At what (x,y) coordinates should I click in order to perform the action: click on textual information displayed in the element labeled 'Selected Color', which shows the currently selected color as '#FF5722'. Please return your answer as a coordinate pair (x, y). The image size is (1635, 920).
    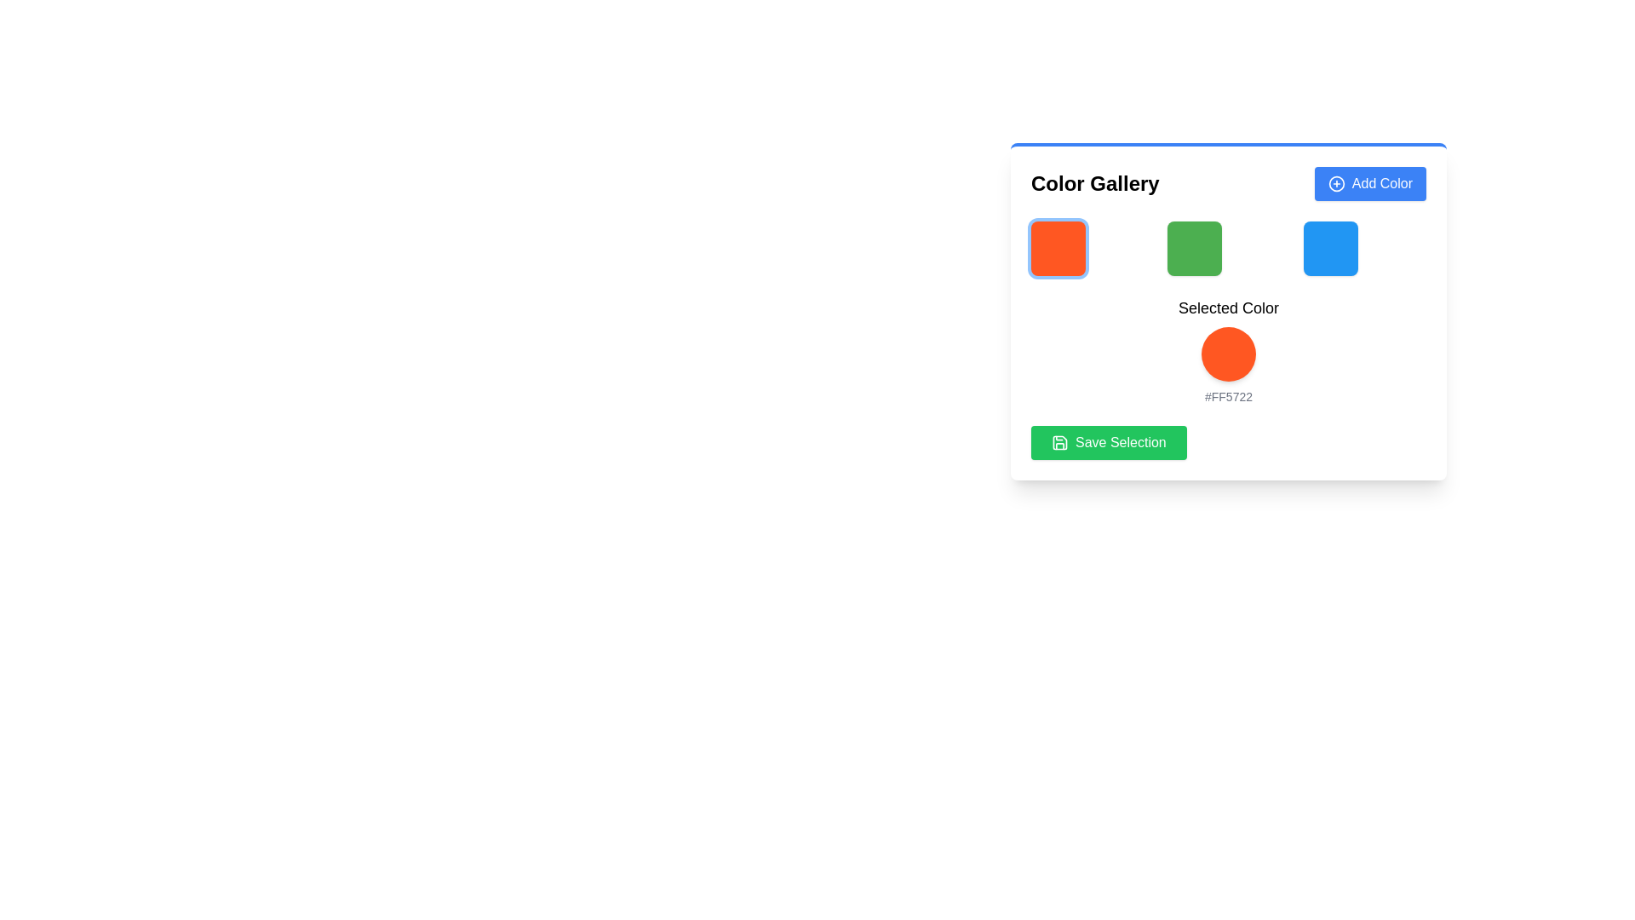
    Looking at the image, I should click on (1229, 313).